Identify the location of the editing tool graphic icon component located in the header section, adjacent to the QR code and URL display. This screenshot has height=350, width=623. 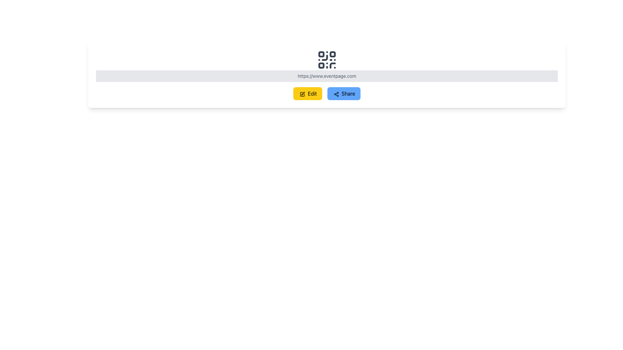
(302, 94).